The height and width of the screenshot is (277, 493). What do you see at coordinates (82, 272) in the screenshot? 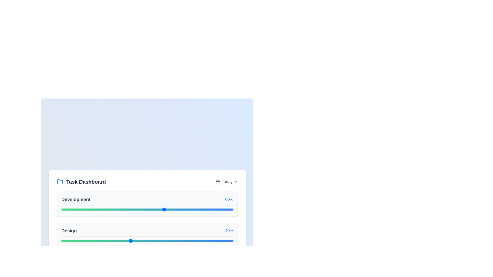
I see `the slider value` at bounding box center [82, 272].